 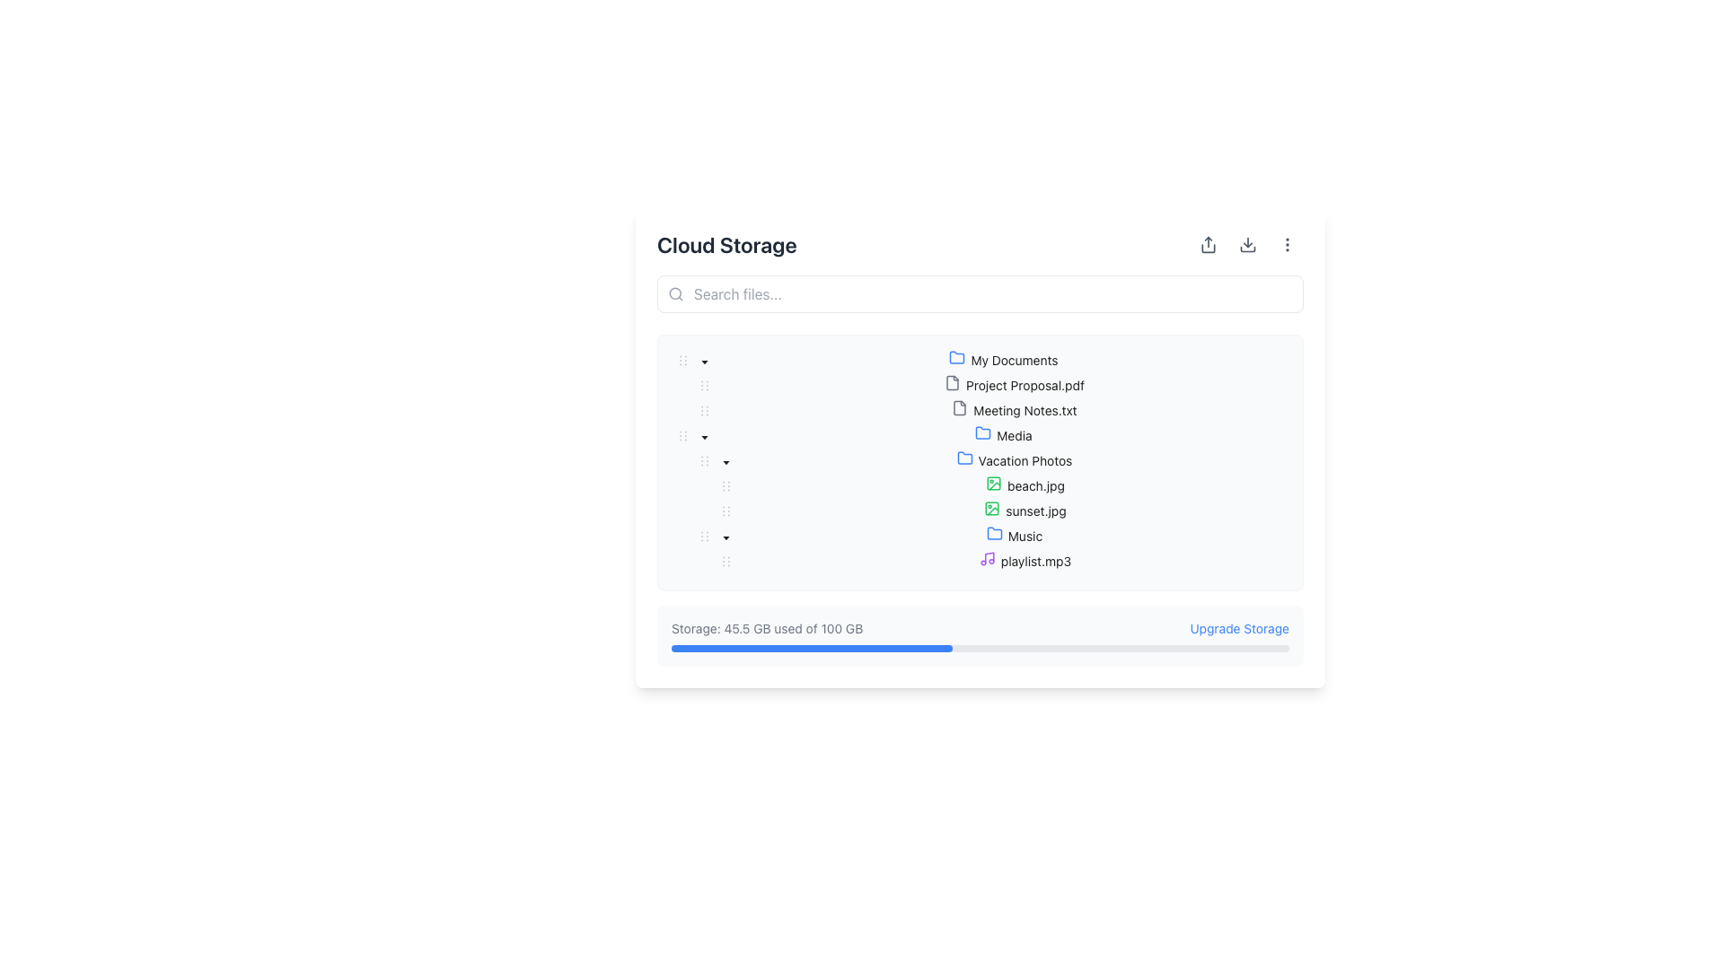 What do you see at coordinates (1025, 535) in the screenshot?
I see `the 'Music' text label` at bounding box center [1025, 535].